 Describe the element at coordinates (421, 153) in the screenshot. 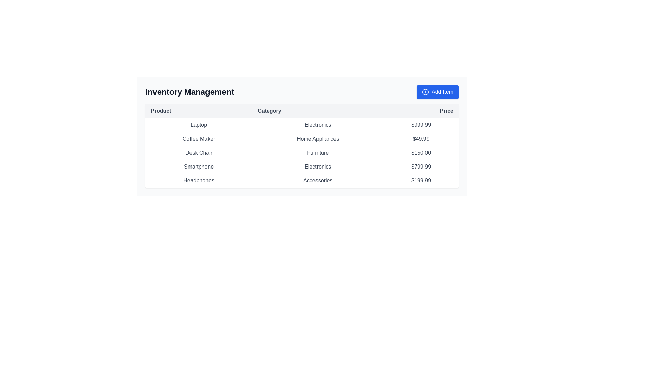

I see `price value displayed in the Text label indicating the price for the 'Desk Chair' item, located in the bottom-right portion of its row in the table` at that location.